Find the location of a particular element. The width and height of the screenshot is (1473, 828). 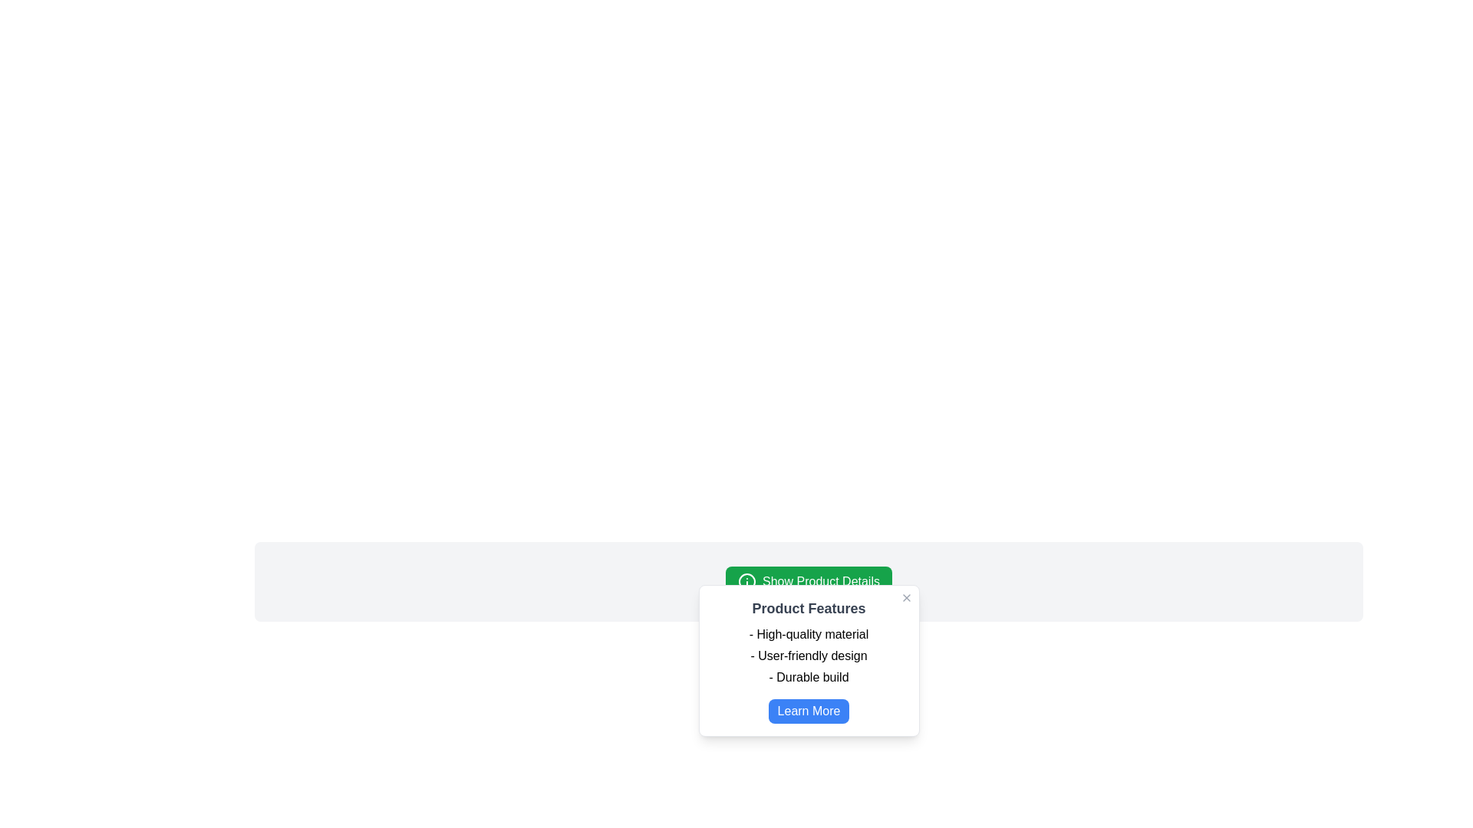

the close button icon resembling an 'X' in the top-right corner of the product features box to change its color is located at coordinates (906, 596).